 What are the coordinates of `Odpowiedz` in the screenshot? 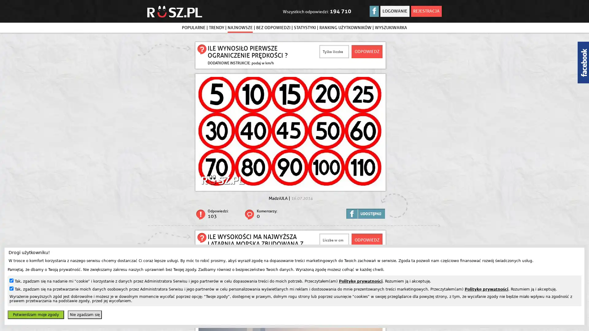 It's located at (367, 51).